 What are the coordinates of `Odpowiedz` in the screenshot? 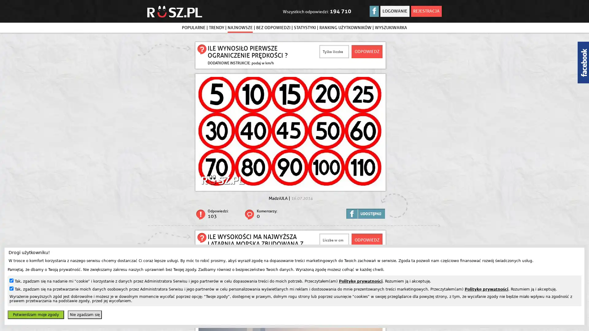 It's located at (367, 51).